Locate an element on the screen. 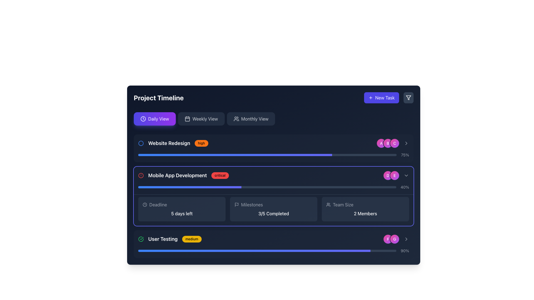 Image resolution: width=534 pixels, height=300 pixels. the plus sign icon located inside the 'New Task' button at the top-right corner of the interface, which visually indicates the action of adding a new task is located at coordinates (371, 97).